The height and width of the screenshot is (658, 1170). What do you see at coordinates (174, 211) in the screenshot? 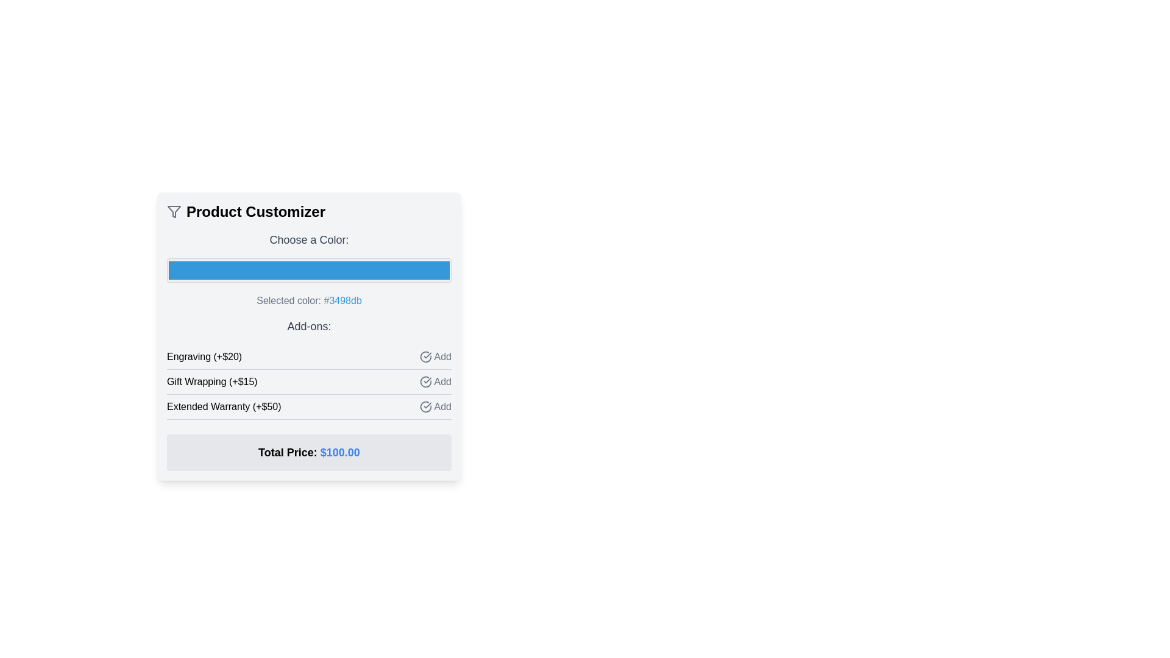
I see `the filter icon, which is a gray funnel-shaped SVG element located to the left of the 'Product Customizer' text` at bounding box center [174, 211].